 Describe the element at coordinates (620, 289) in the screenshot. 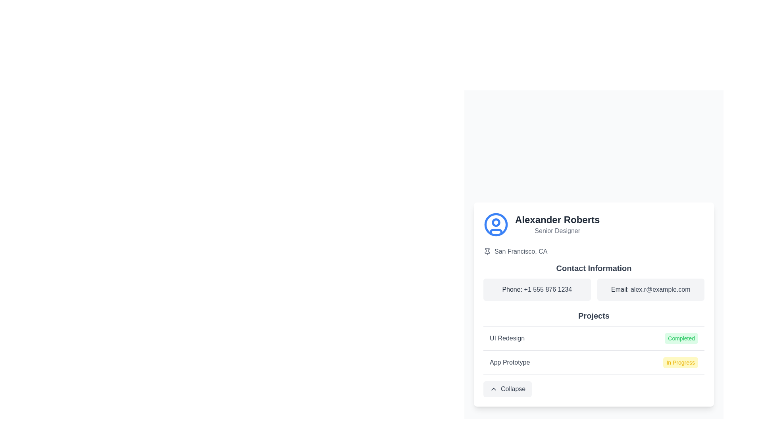

I see `the static text label that indicates the user's email address in the 'Contact Information' section on the right panel of the interface` at that location.